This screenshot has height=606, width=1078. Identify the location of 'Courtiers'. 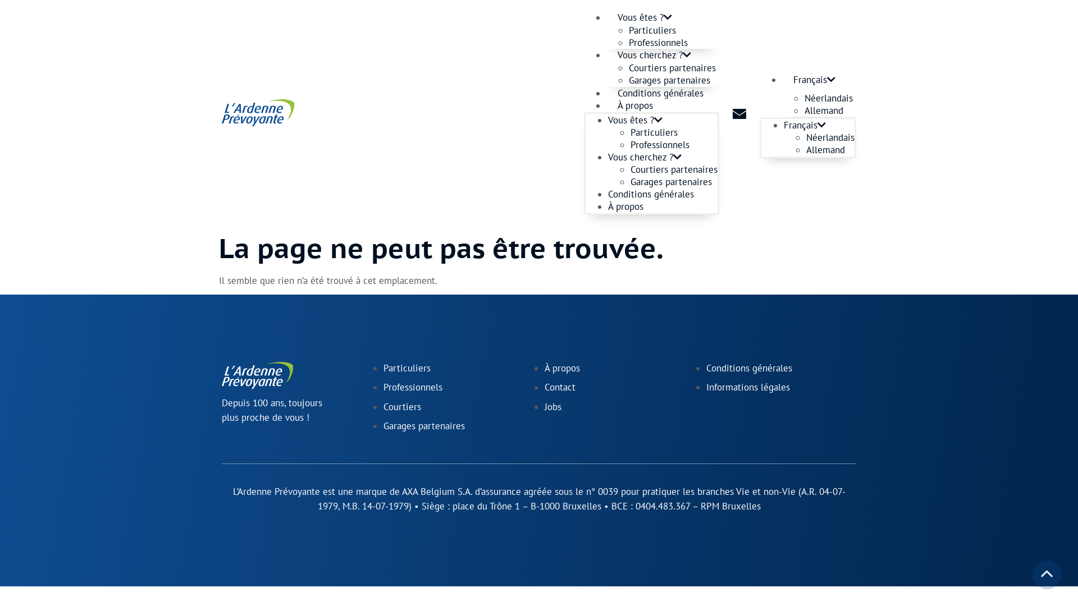
(401, 407).